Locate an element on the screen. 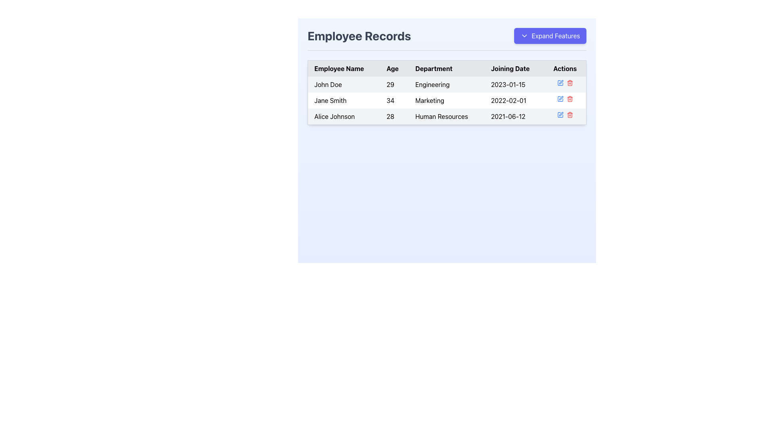 The image size is (767, 431). the action panel for the 'Jane Smith' row in the employee records table, which contains interactive action icons for editing or deleting the record is located at coordinates (564, 98).